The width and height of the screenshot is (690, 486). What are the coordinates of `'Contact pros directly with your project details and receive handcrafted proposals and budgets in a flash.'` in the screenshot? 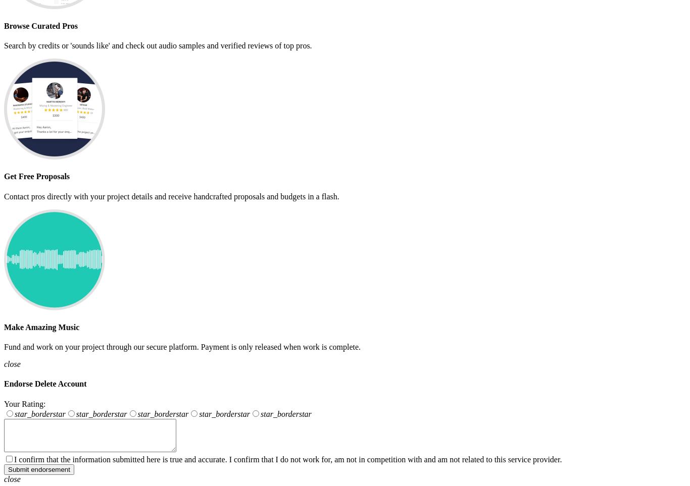 It's located at (171, 195).